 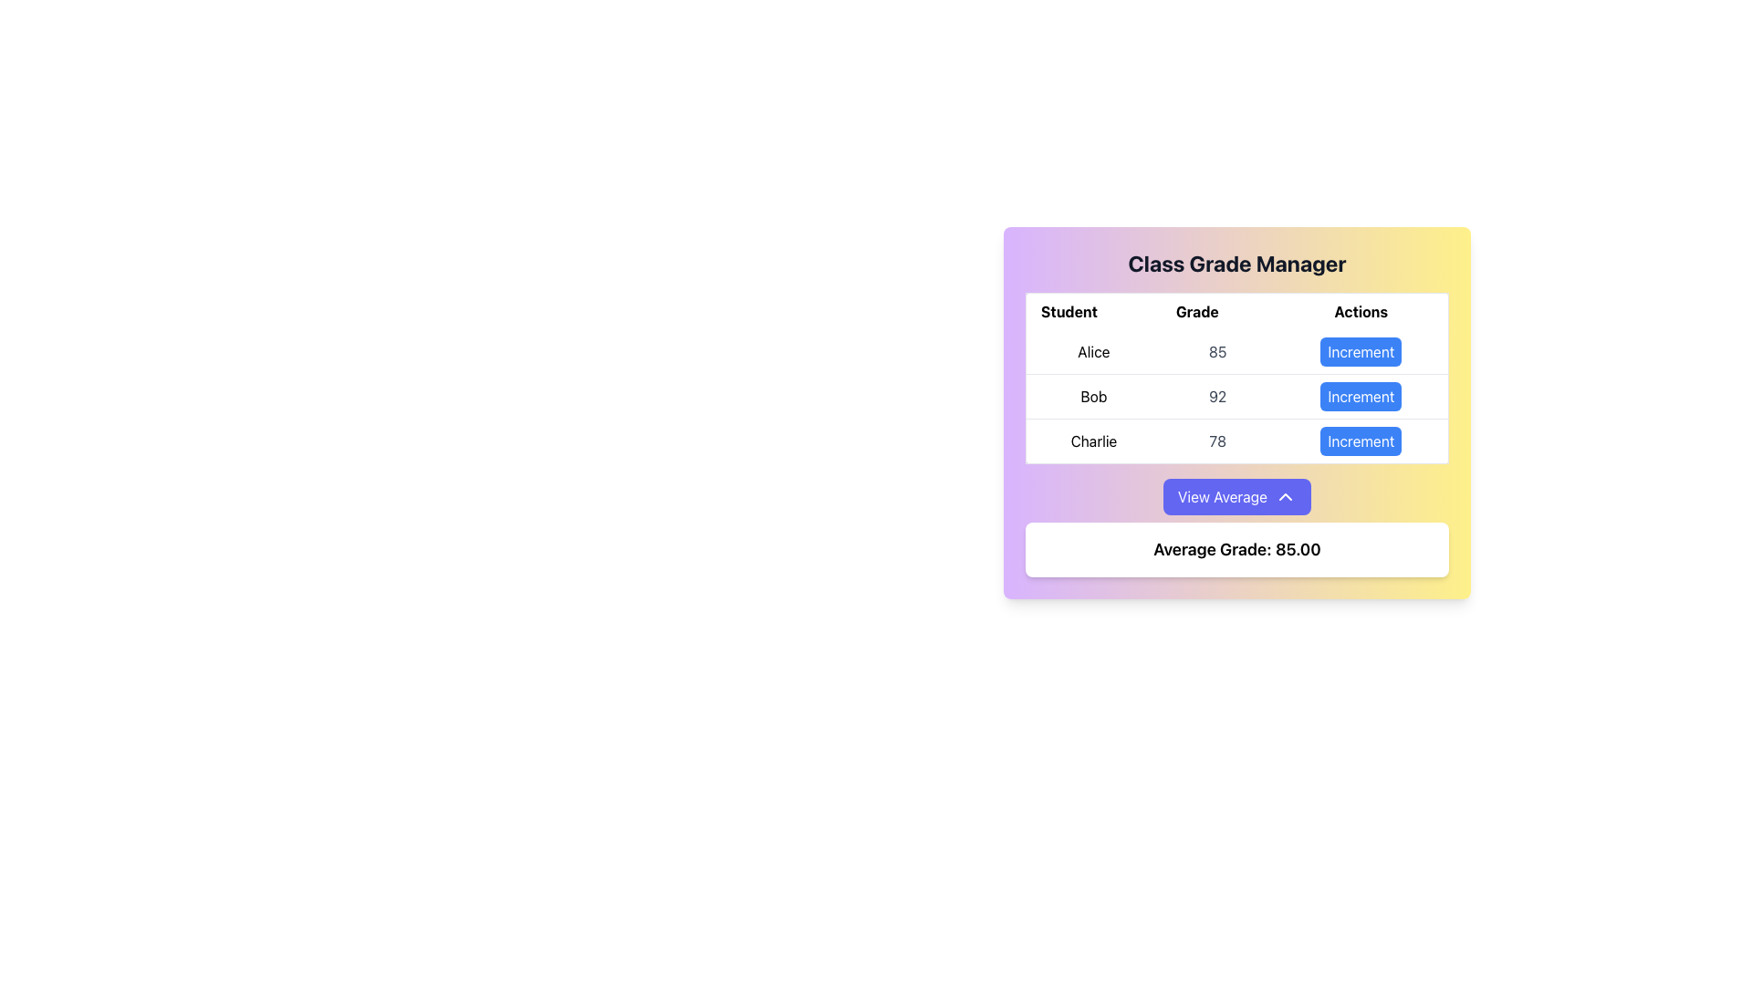 I want to click on the third 'Increment' button in the 'Actions' column of the 'Class Grade Manager' table, which is associated with the 'Charlie' row, so click(x=1361, y=441).